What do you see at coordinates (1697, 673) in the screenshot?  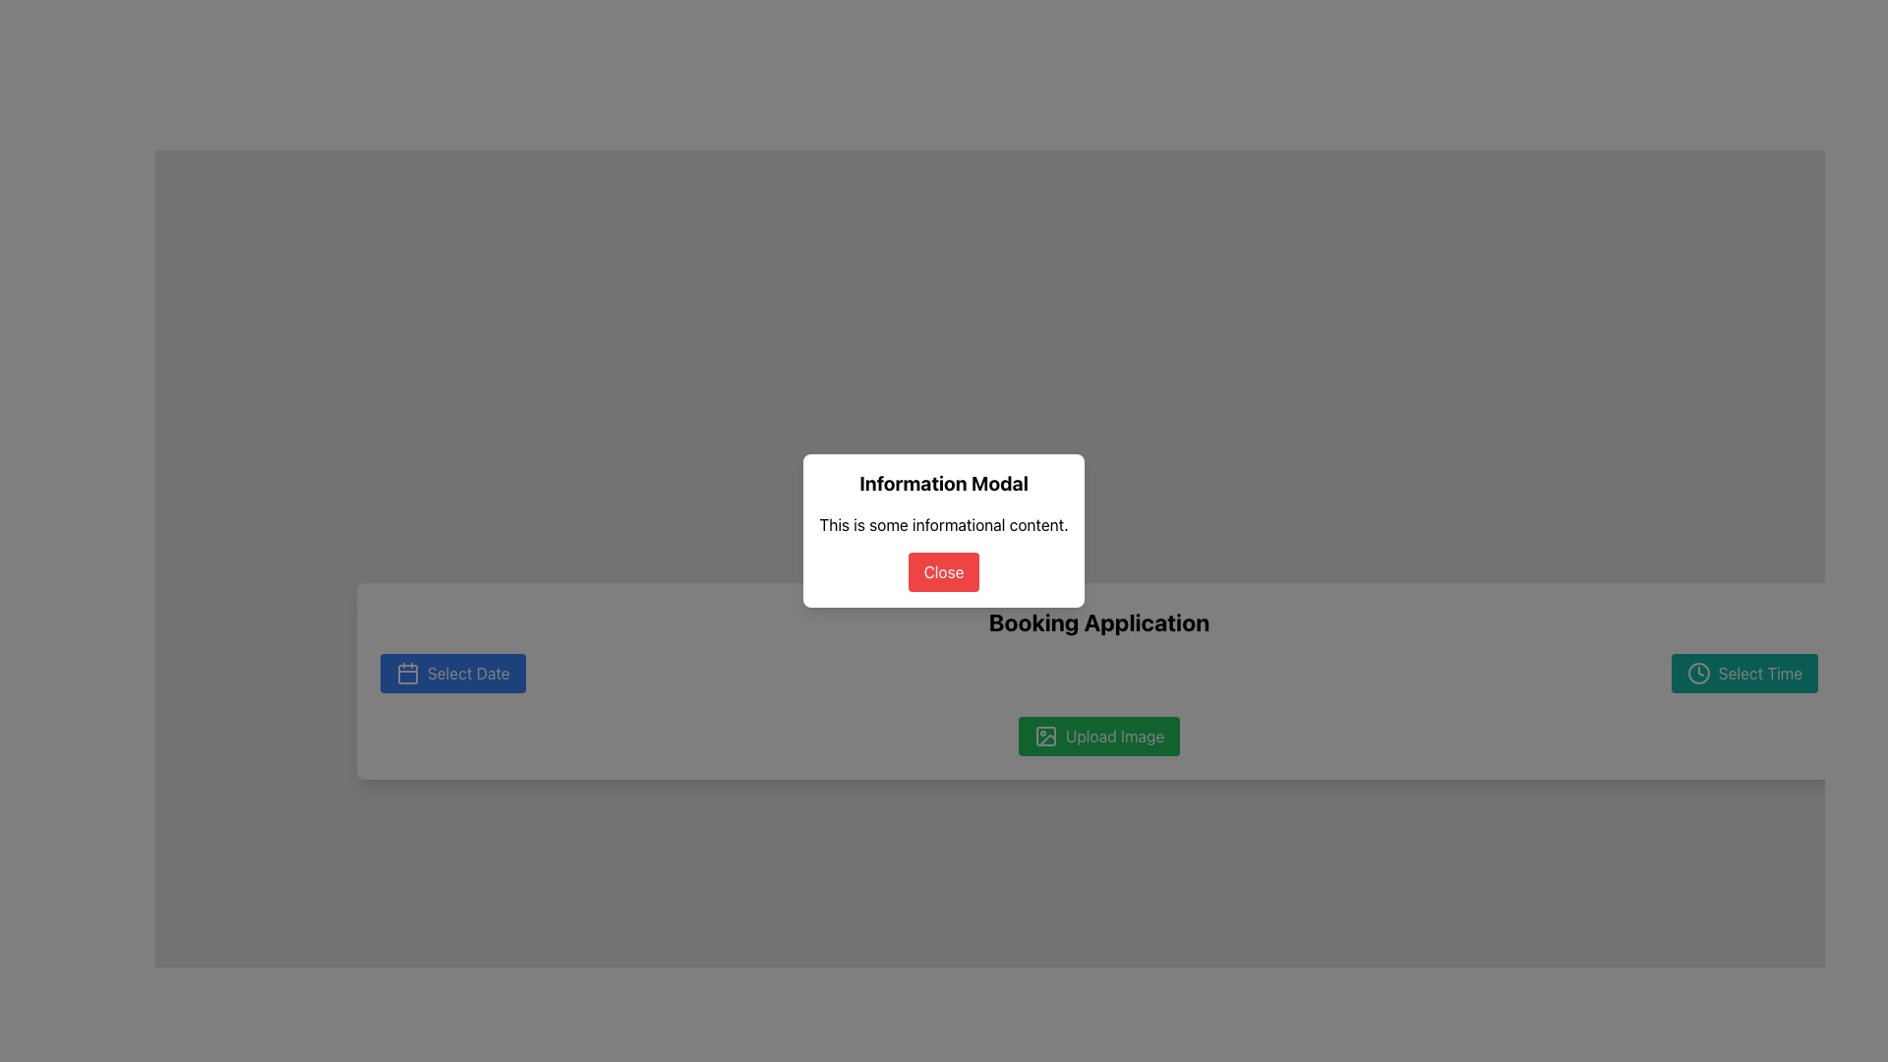 I see `the Clock icon which is positioned to the left of the 'Select Time' button in the bottom bar of the application` at bounding box center [1697, 673].